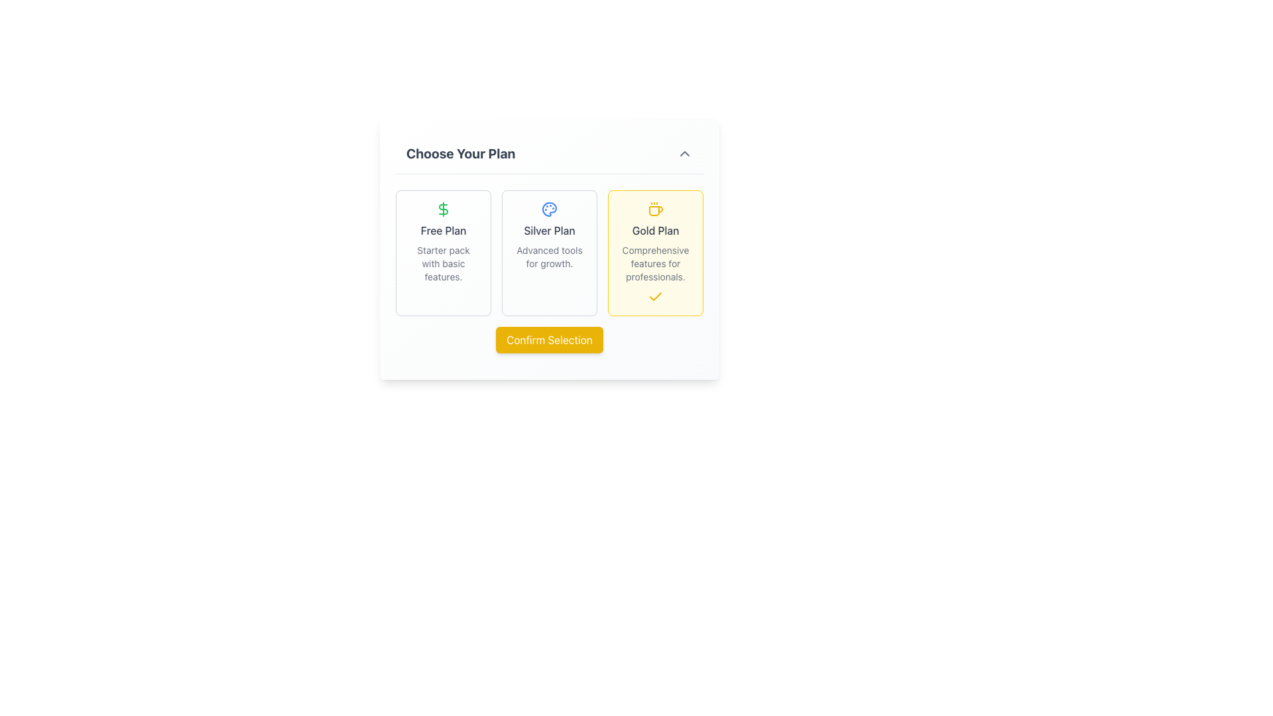 The width and height of the screenshot is (1273, 716). What do you see at coordinates (550, 229) in the screenshot?
I see `the text label that serves as the title for the 'Silver Plan' option, located beneath a blue palette icon and above a smaller gray description text` at bounding box center [550, 229].